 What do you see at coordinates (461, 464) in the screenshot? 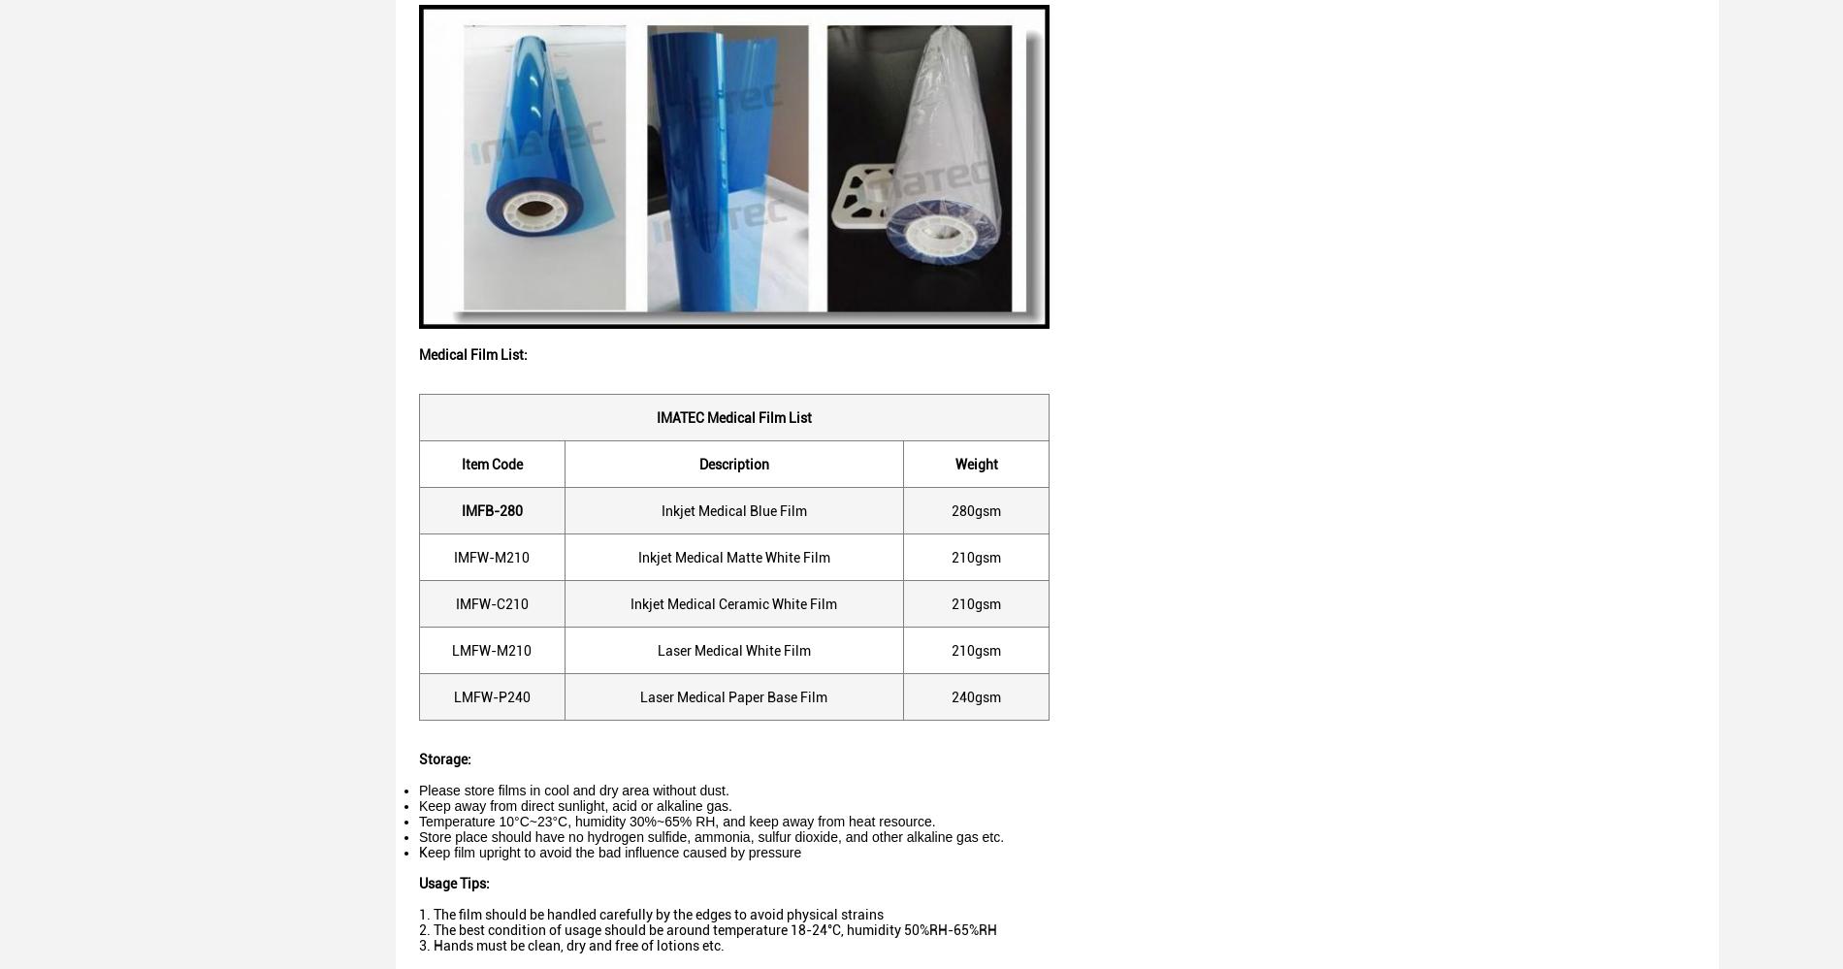
I see `'Item Code'` at bounding box center [461, 464].